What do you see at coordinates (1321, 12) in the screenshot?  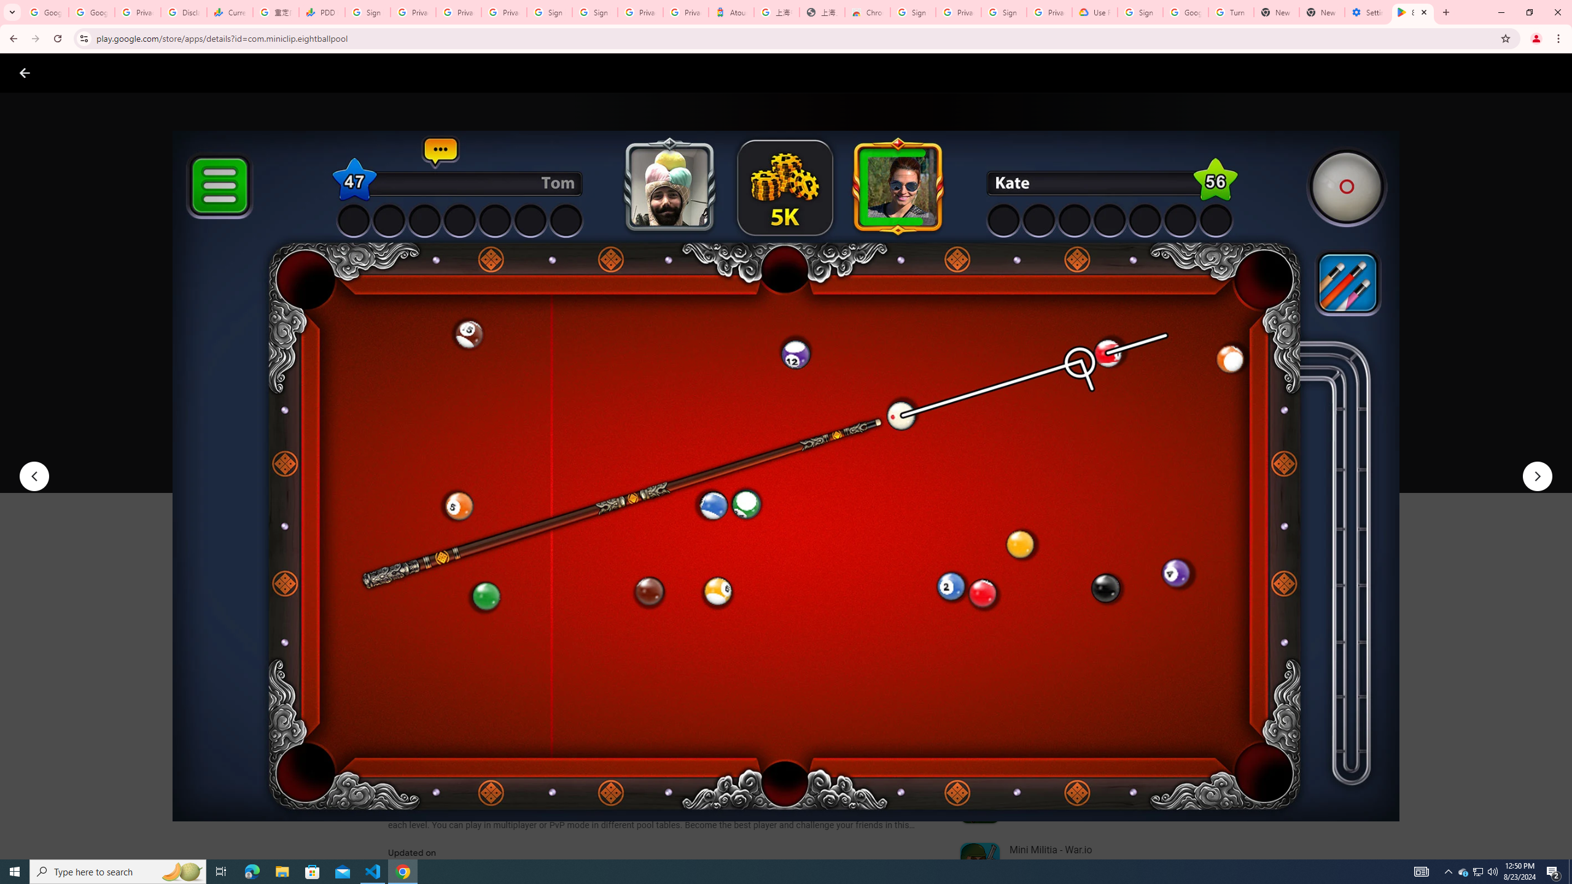 I see `'New Tab'` at bounding box center [1321, 12].